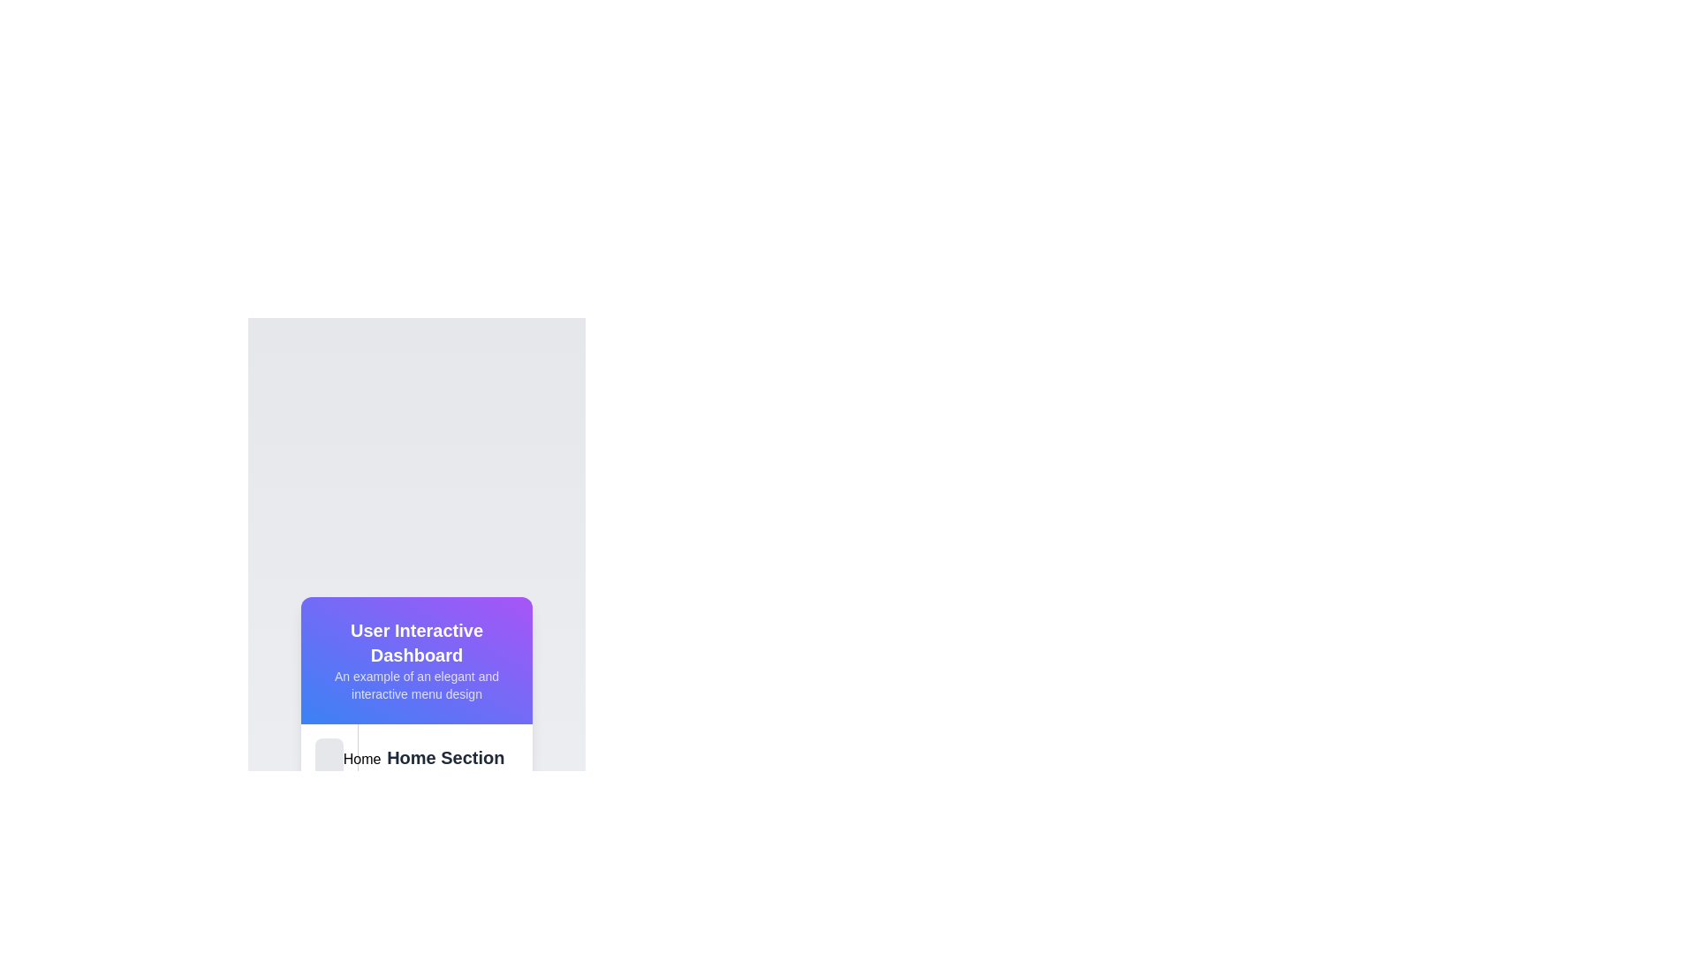  What do you see at coordinates (339, 760) in the screenshot?
I see `the house-like icon with a triangular roof and rectangular base, located near the bottom left of the interface, adjacent to the 'Home' label` at bounding box center [339, 760].